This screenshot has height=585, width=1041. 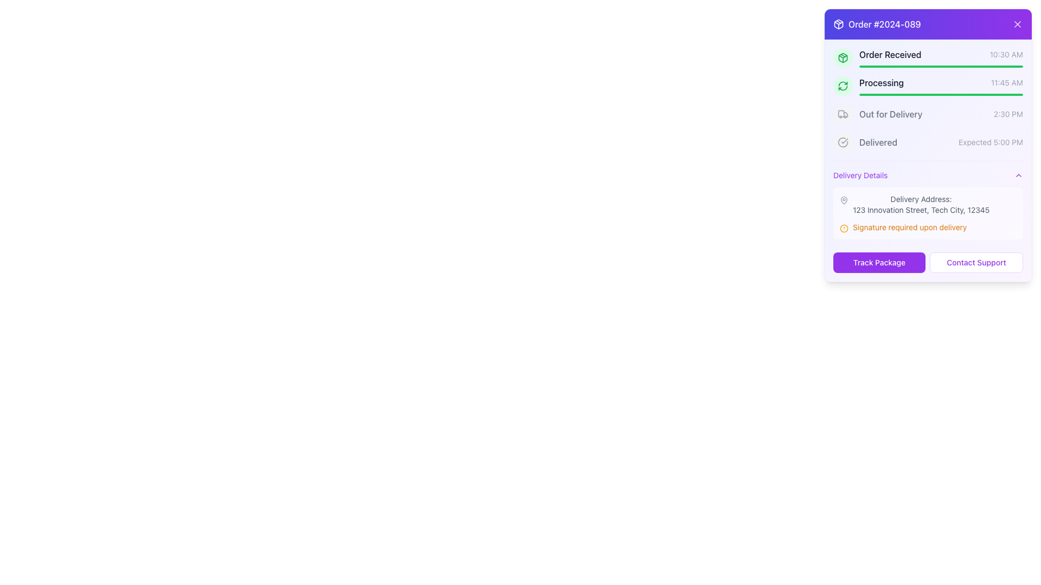 What do you see at coordinates (941, 82) in the screenshot?
I see `the 'Processing' status indicator with timestamp '11:45 AM', which is the second status item in the vertical list within the card-like interface` at bounding box center [941, 82].